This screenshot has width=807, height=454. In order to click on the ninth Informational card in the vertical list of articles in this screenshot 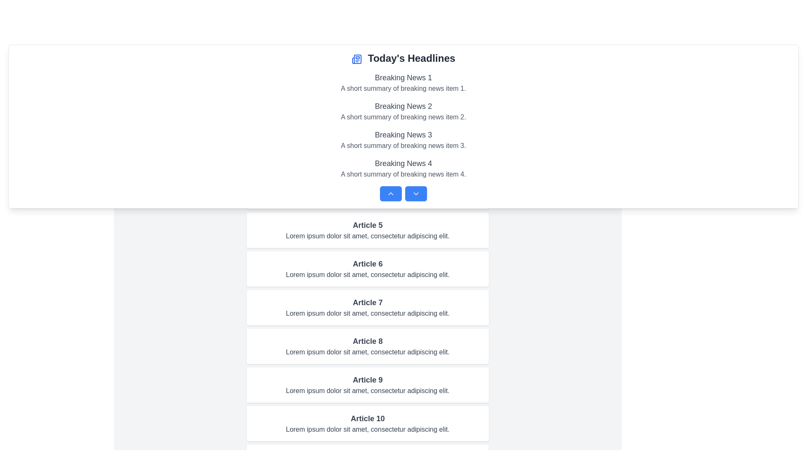, I will do `click(367, 385)`.